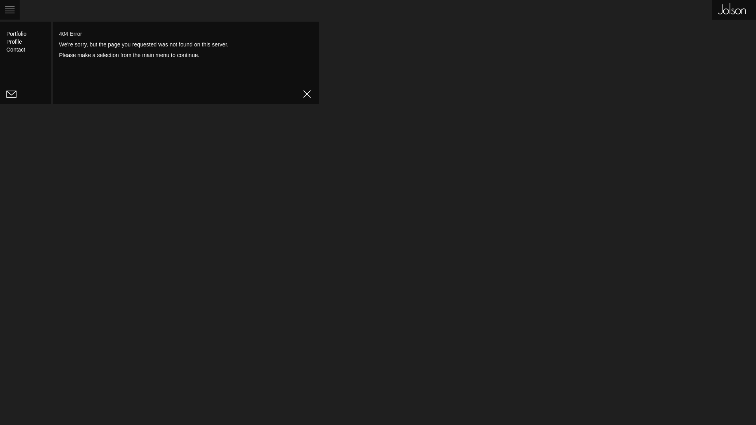 Image resolution: width=756 pixels, height=425 pixels. What do you see at coordinates (15, 50) in the screenshot?
I see `'Contact'` at bounding box center [15, 50].